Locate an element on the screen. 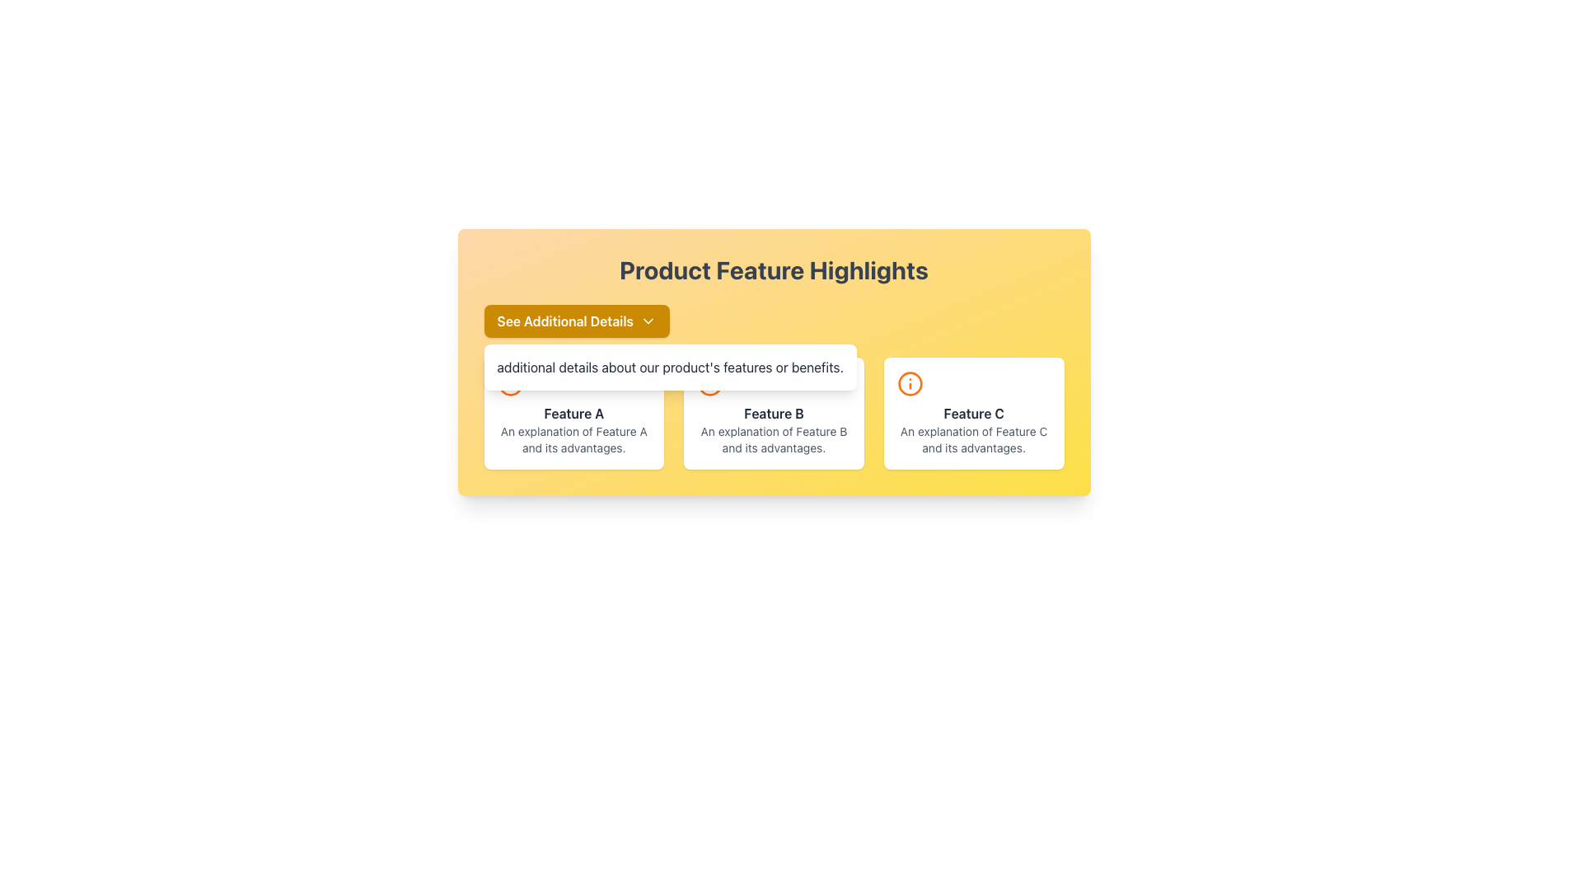 The image size is (1582, 890). the Informational card that highlights and explains 'Feature A', located in the top-left corner of a grid of three cards is located at coordinates (573, 412).